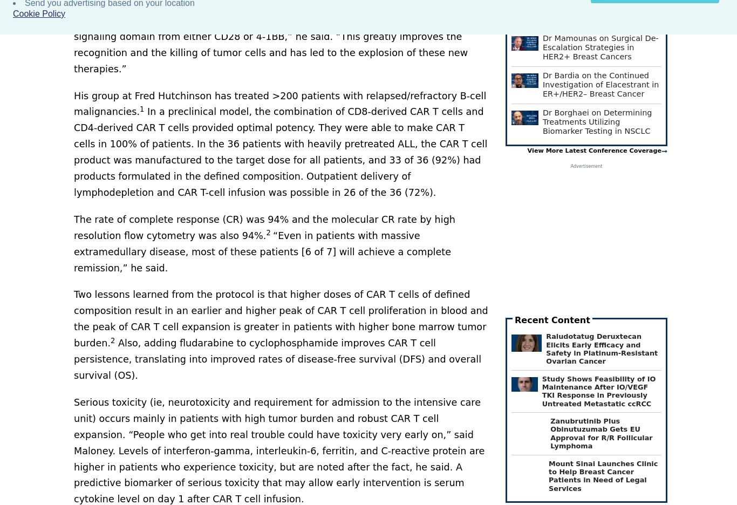  What do you see at coordinates (597, 121) in the screenshot?
I see `'Dr Borghaei on Determining Treatments Utilizing Biomarker Testing in NSCLC'` at bounding box center [597, 121].